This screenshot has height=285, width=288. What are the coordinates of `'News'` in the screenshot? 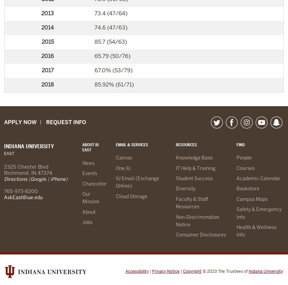 It's located at (88, 163).